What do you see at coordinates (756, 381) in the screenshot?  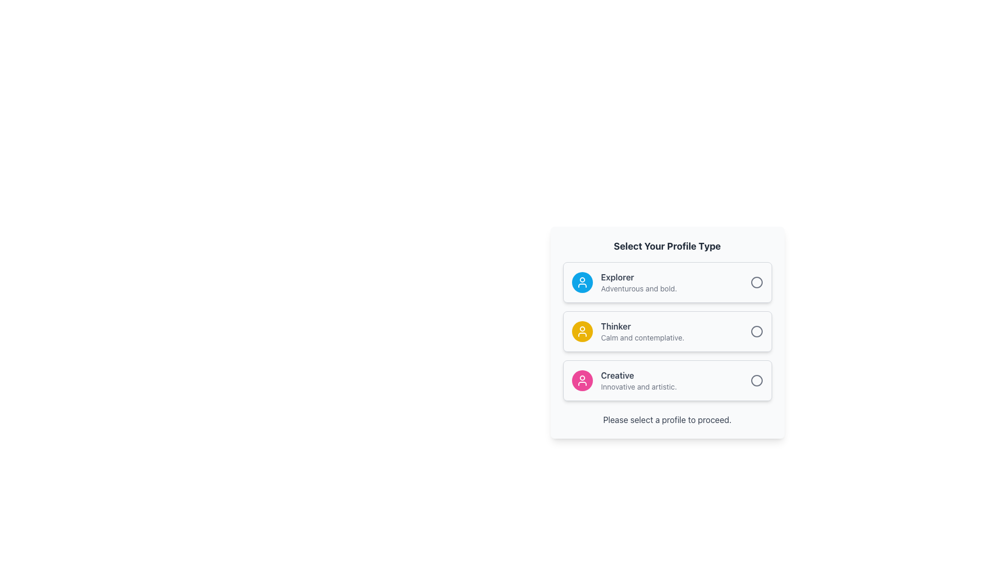 I see `the circular vector graphic element styled with an outline, which is the third option` at bounding box center [756, 381].